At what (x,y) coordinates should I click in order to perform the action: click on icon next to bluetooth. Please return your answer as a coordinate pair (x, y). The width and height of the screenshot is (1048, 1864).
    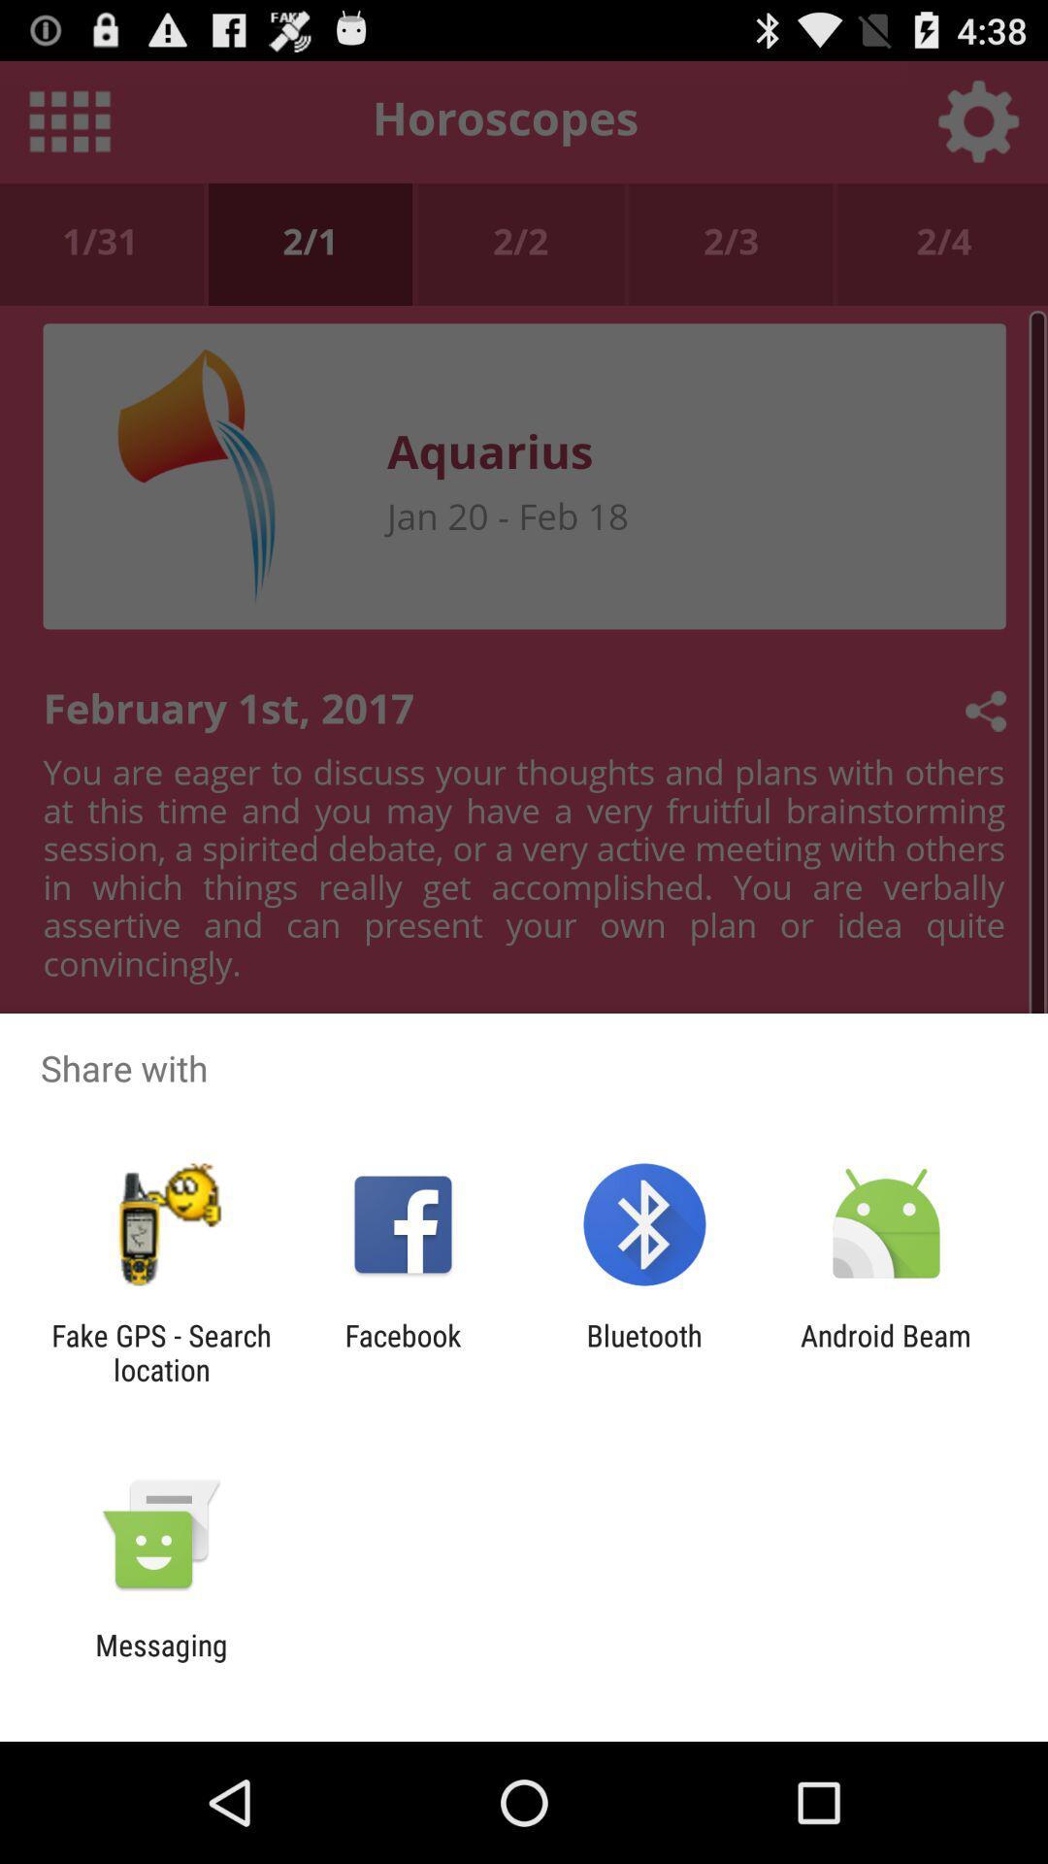
    Looking at the image, I should click on (402, 1351).